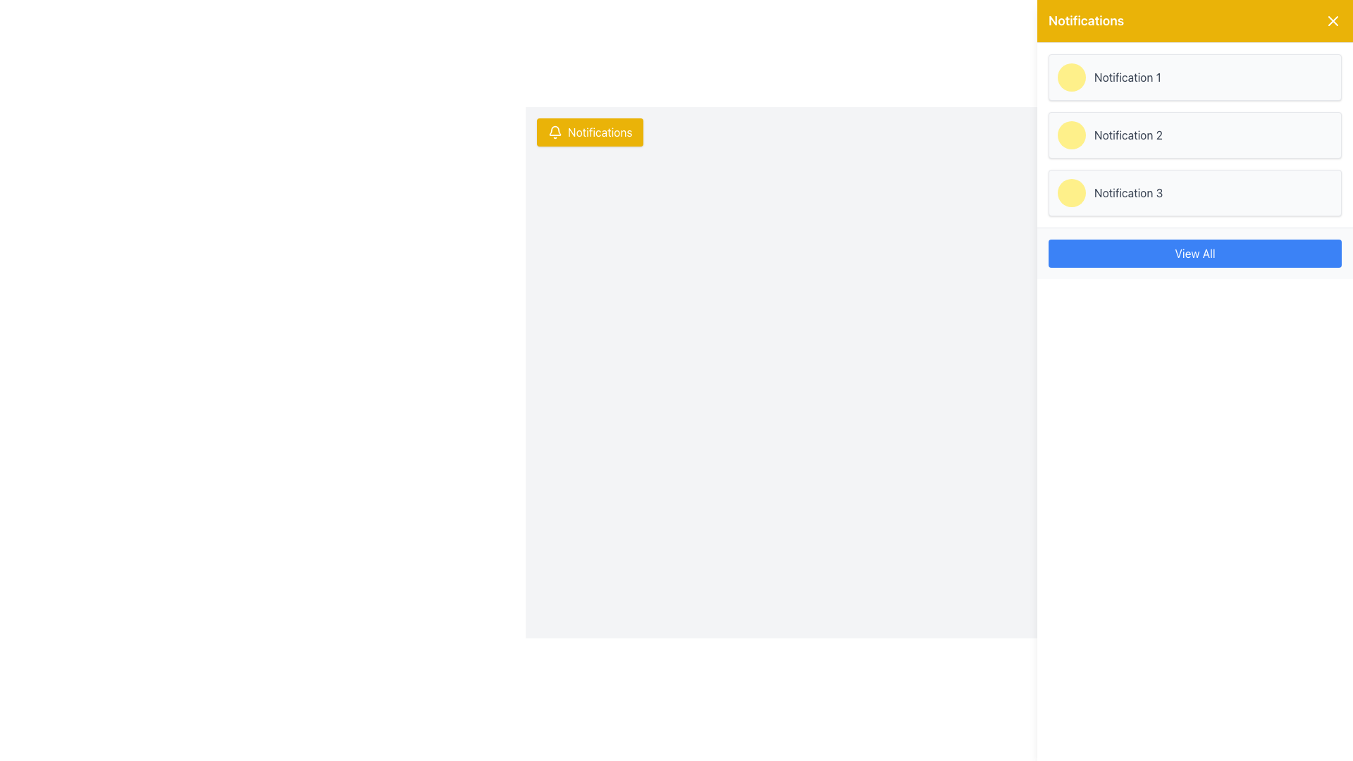 This screenshot has width=1353, height=761. Describe the element at coordinates (1194, 252) in the screenshot. I see `the blue rectangular button labeled 'View All' located in the notification panel at the bottom of the notification list` at that location.